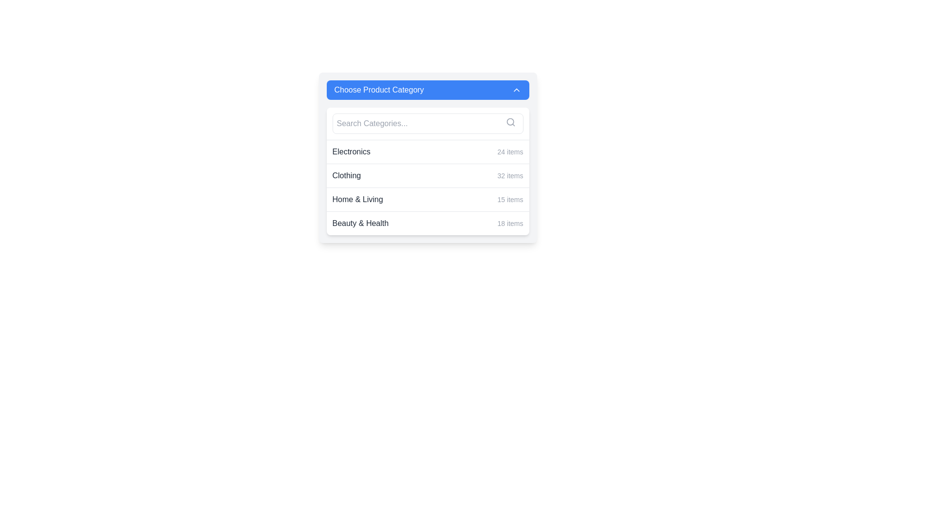  I want to click on the textual label reading '32 items' which is styled in light gray color and positioned to the right of the 'Clothing' label in a dropdown-like interface, so click(510, 176).